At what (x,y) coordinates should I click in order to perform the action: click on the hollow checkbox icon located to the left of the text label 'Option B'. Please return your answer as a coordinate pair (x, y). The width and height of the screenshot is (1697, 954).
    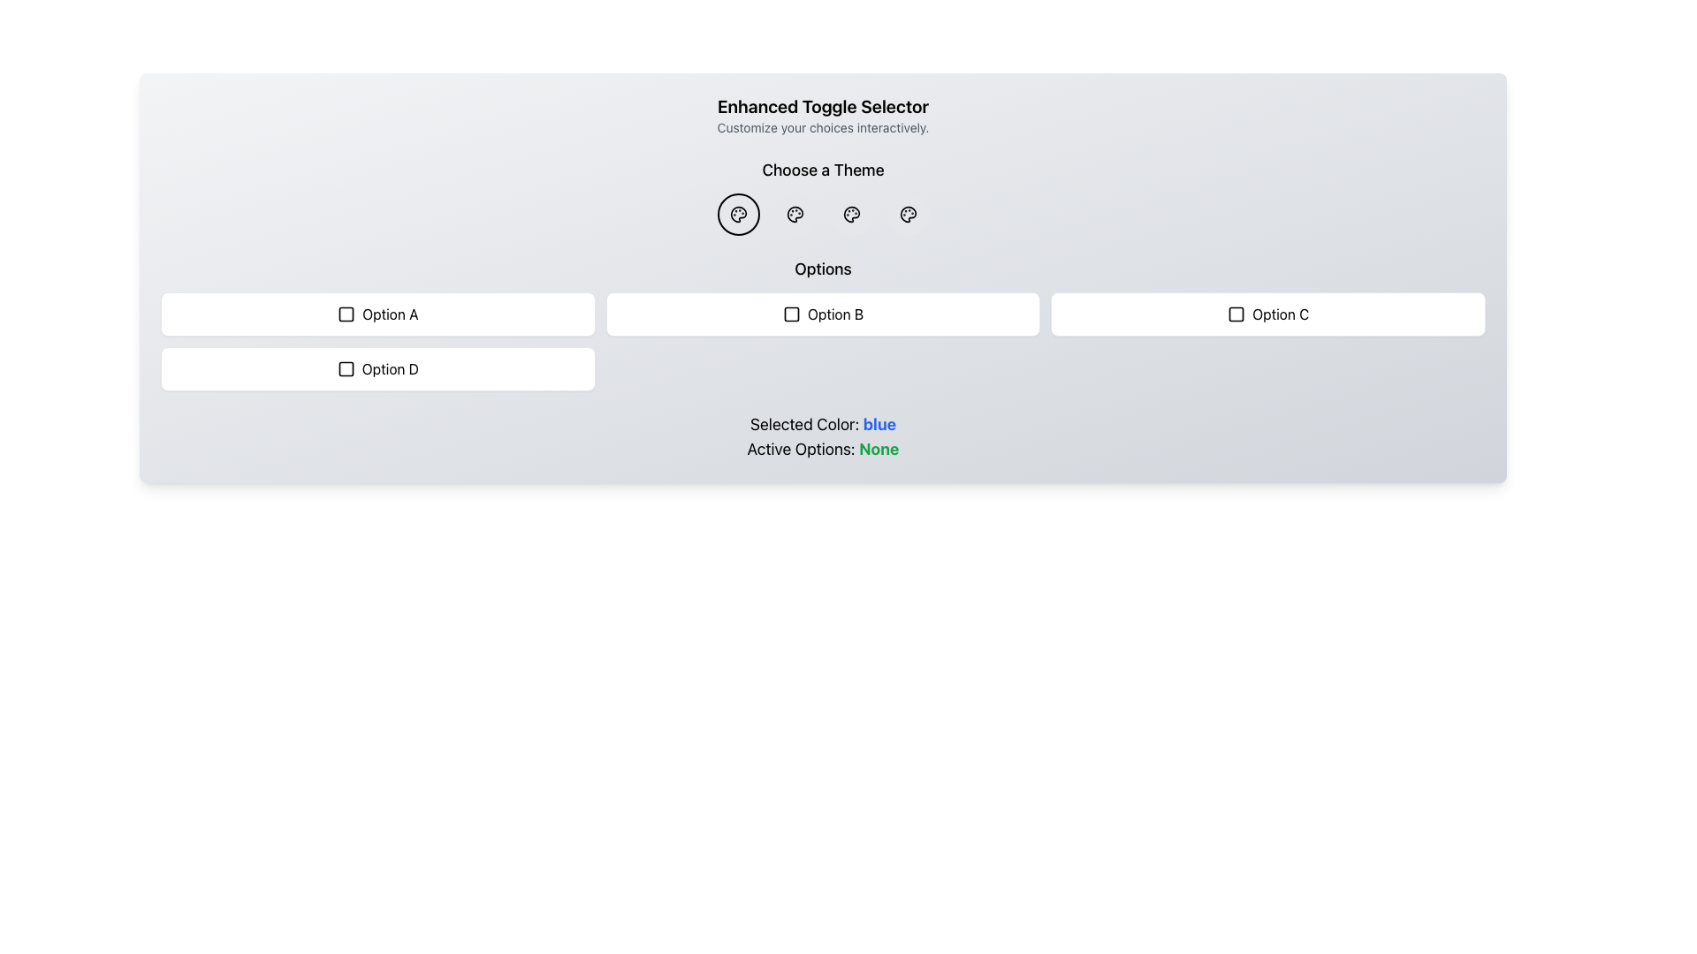
    Looking at the image, I should click on (790, 313).